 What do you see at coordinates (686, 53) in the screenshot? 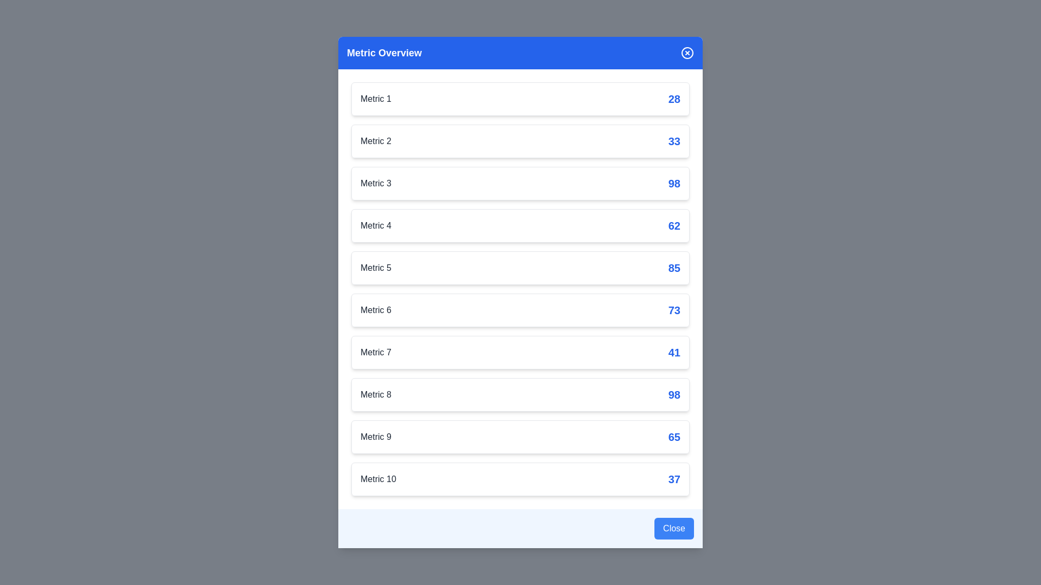
I see `the close button in the header to close the dialog` at bounding box center [686, 53].